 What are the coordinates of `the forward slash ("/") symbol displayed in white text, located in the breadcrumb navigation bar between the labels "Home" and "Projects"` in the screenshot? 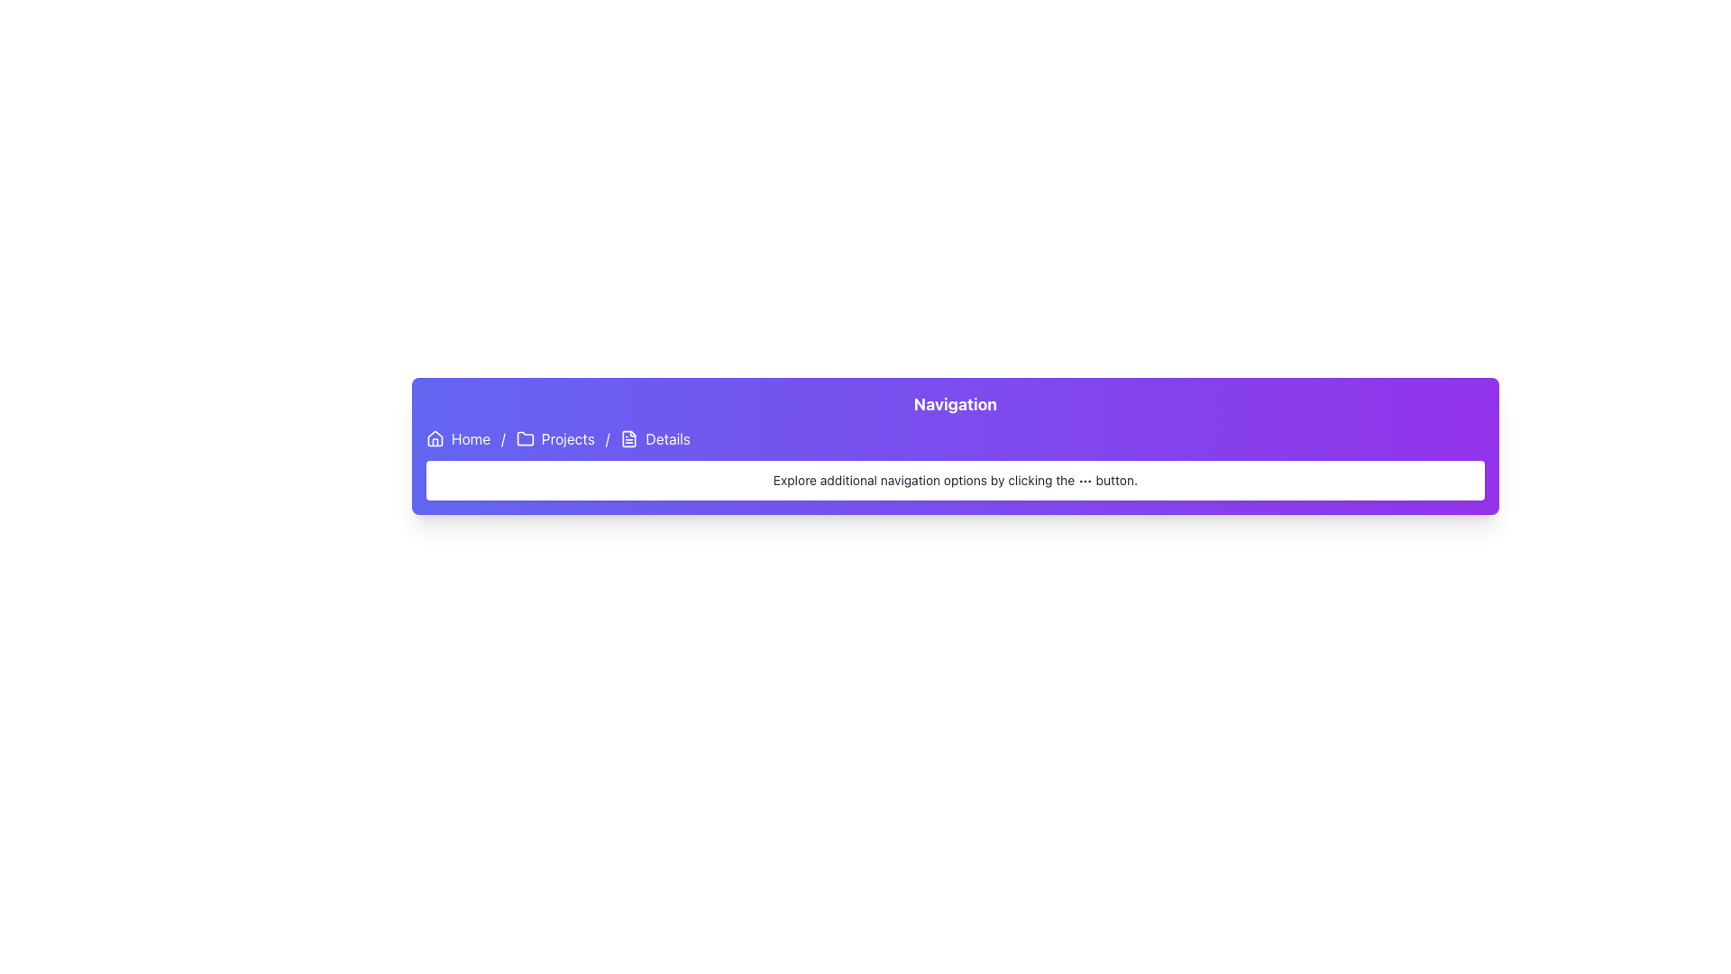 It's located at (503, 438).